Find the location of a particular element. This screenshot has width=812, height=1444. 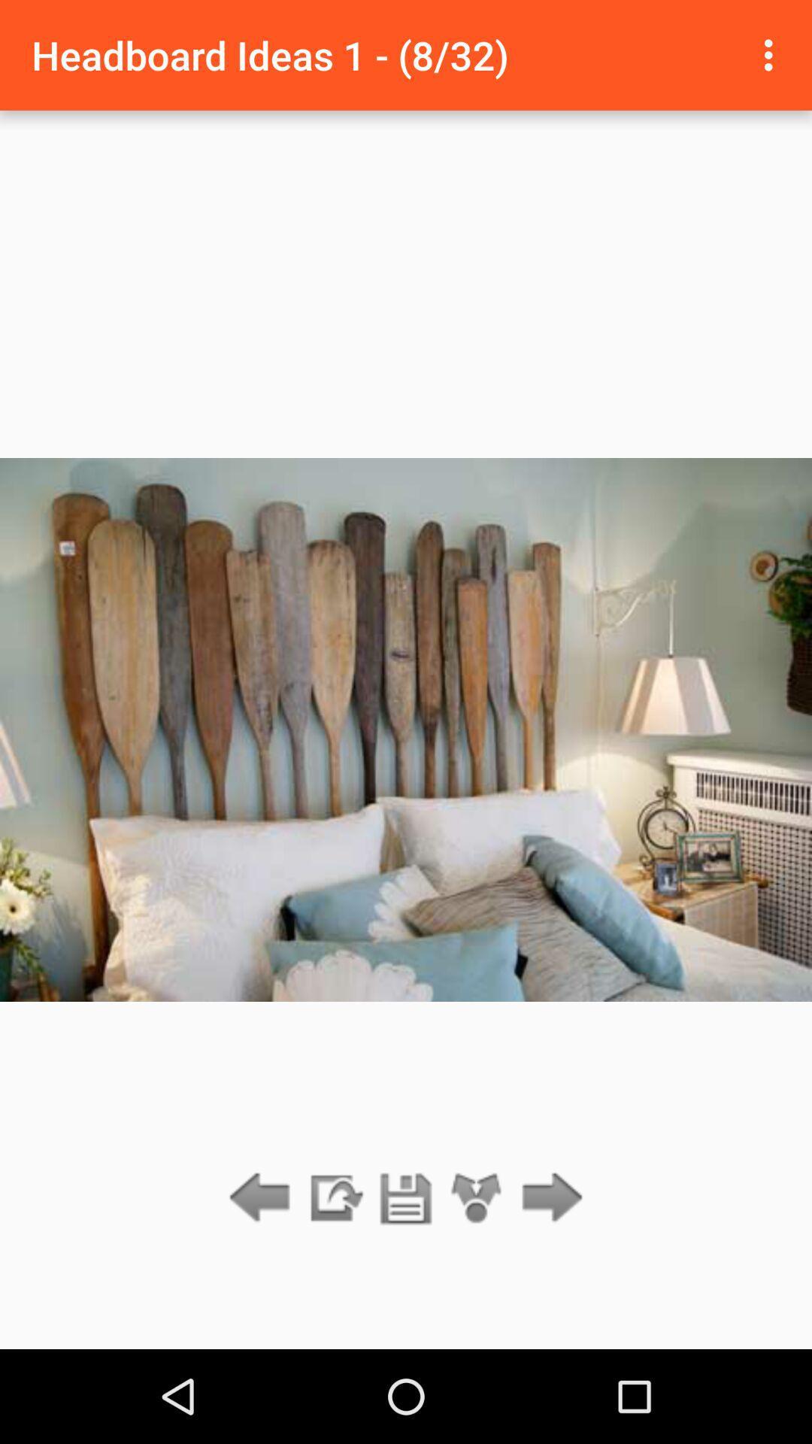

icon to the right of headboard ideas 1 item is located at coordinates (772, 55).